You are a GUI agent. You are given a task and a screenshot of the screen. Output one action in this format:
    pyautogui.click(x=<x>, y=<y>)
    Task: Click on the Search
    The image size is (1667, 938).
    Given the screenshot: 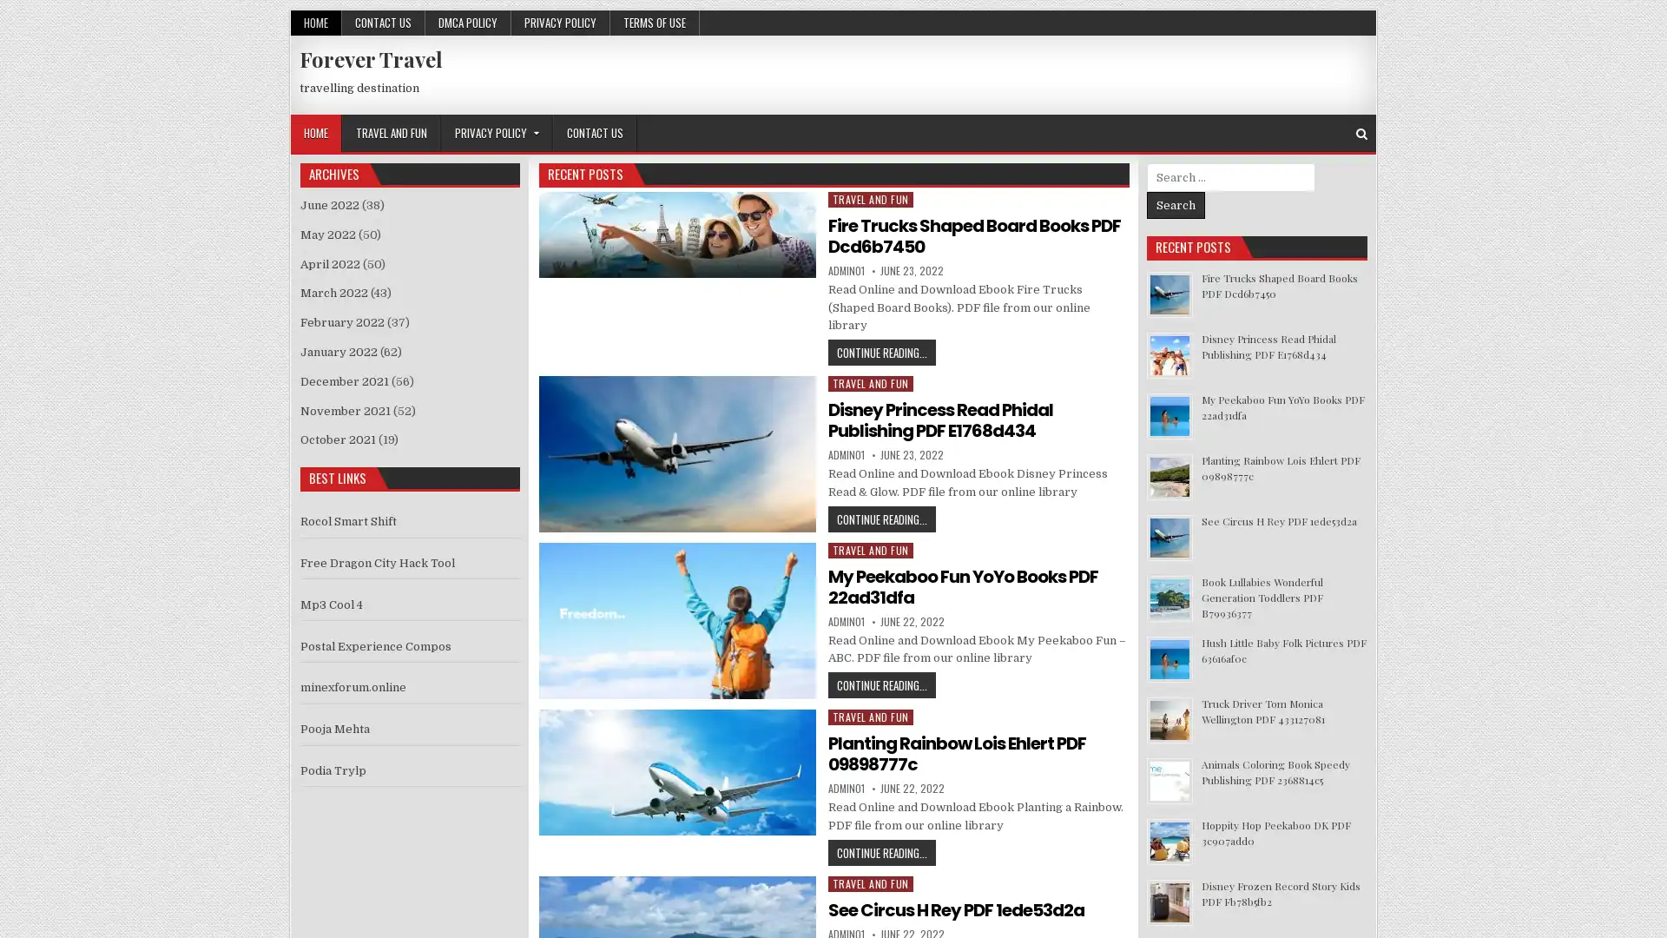 What is the action you would take?
    pyautogui.click(x=1176, y=204)
    